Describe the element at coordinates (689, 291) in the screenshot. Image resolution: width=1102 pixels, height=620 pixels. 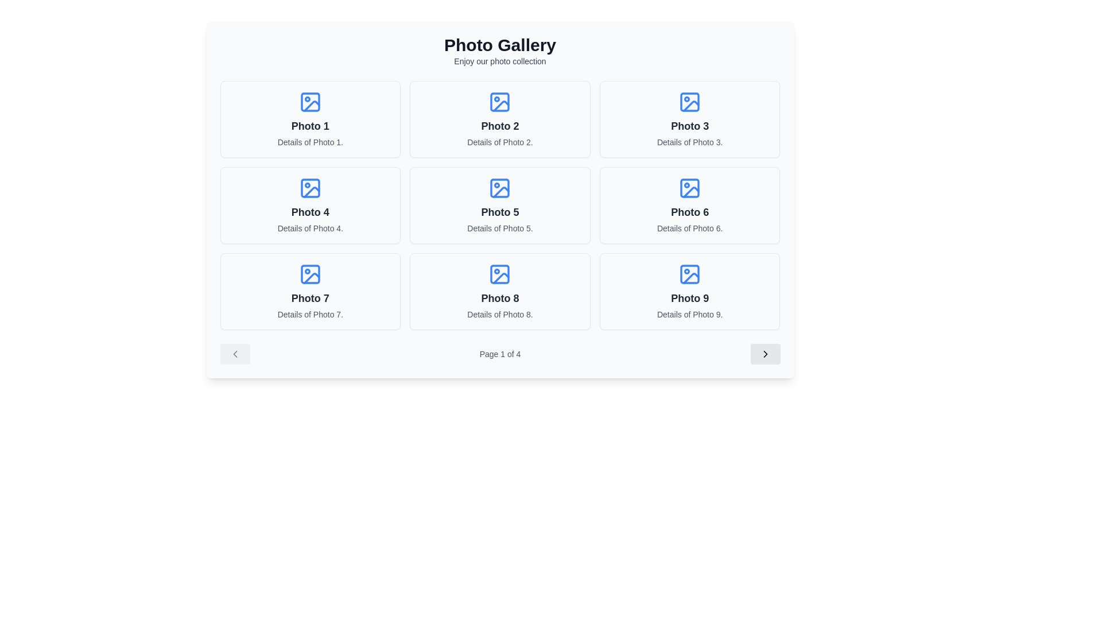
I see `the Card representing 'Photo 9' in the bottom-right corner of the gallery grid` at that location.